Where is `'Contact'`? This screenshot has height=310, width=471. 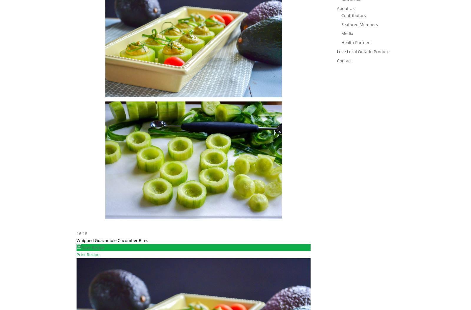 'Contact' is located at coordinates (344, 60).